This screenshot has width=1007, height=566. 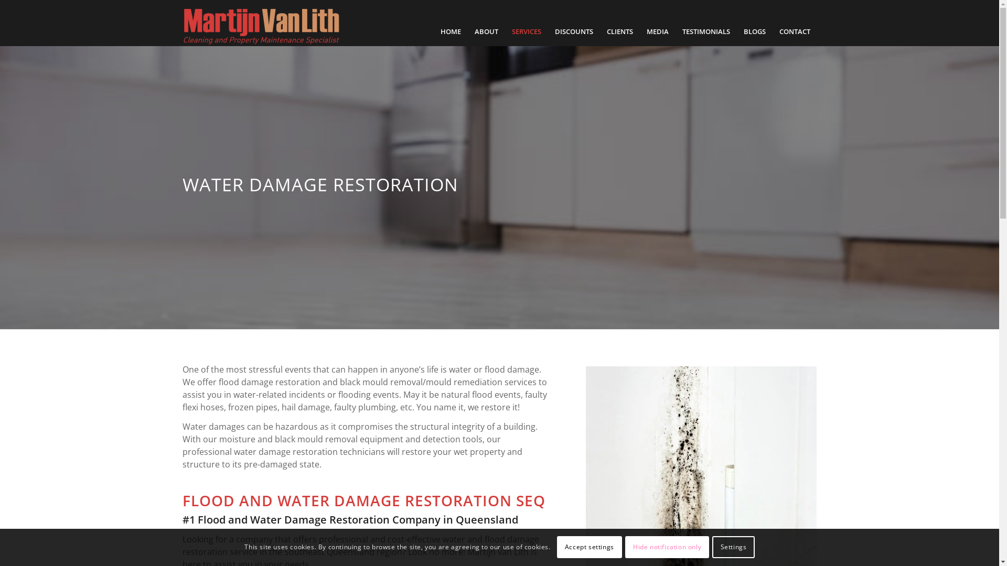 What do you see at coordinates (450, 31) in the screenshot?
I see `'HOME'` at bounding box center [450, 31].